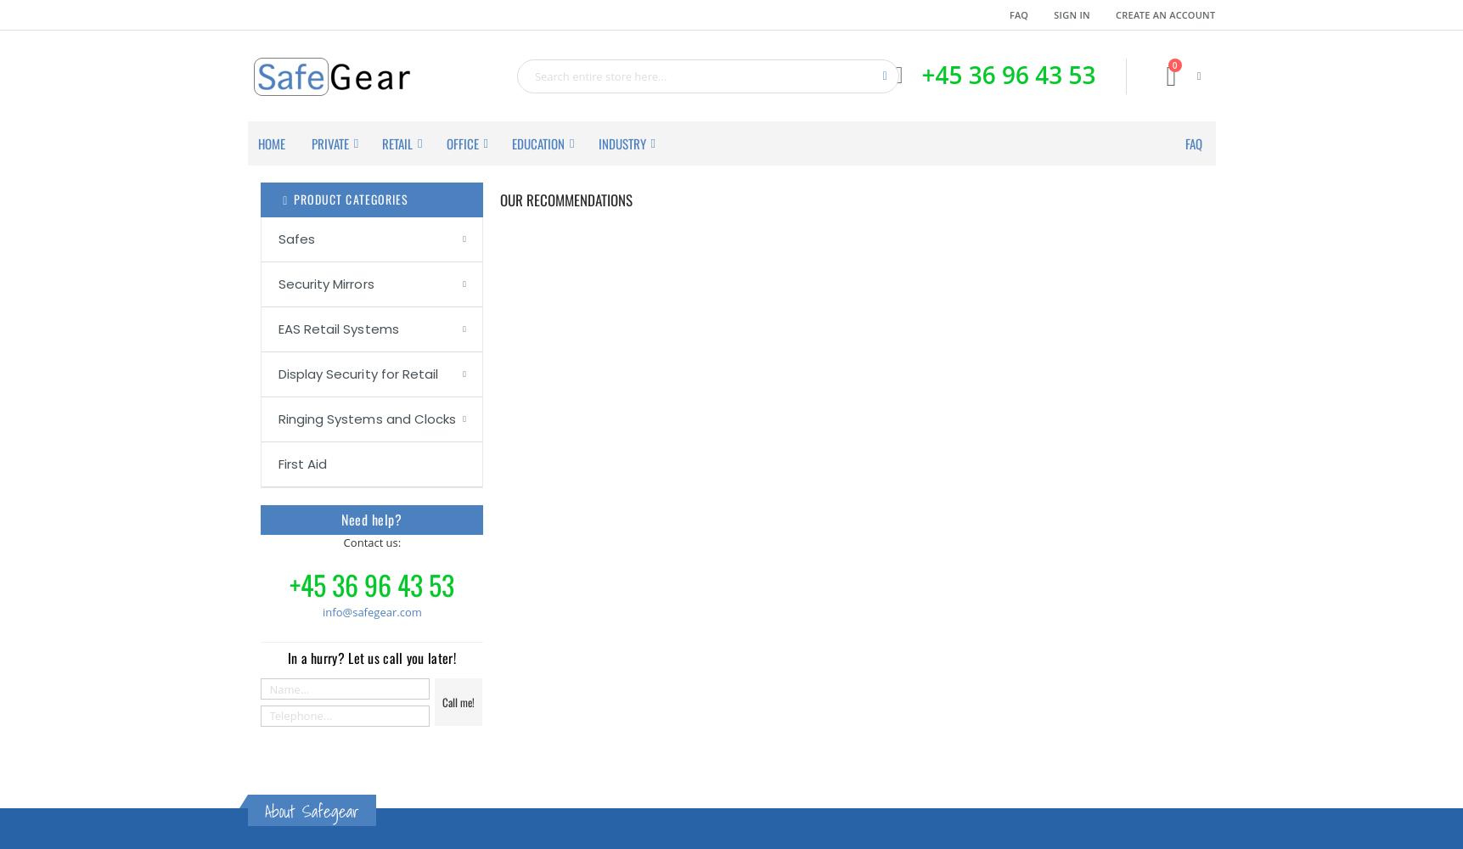 Image resolution: width=1463 pixels, height=849 pixels. I want to click on 'Product Categories', so click(292, 198).